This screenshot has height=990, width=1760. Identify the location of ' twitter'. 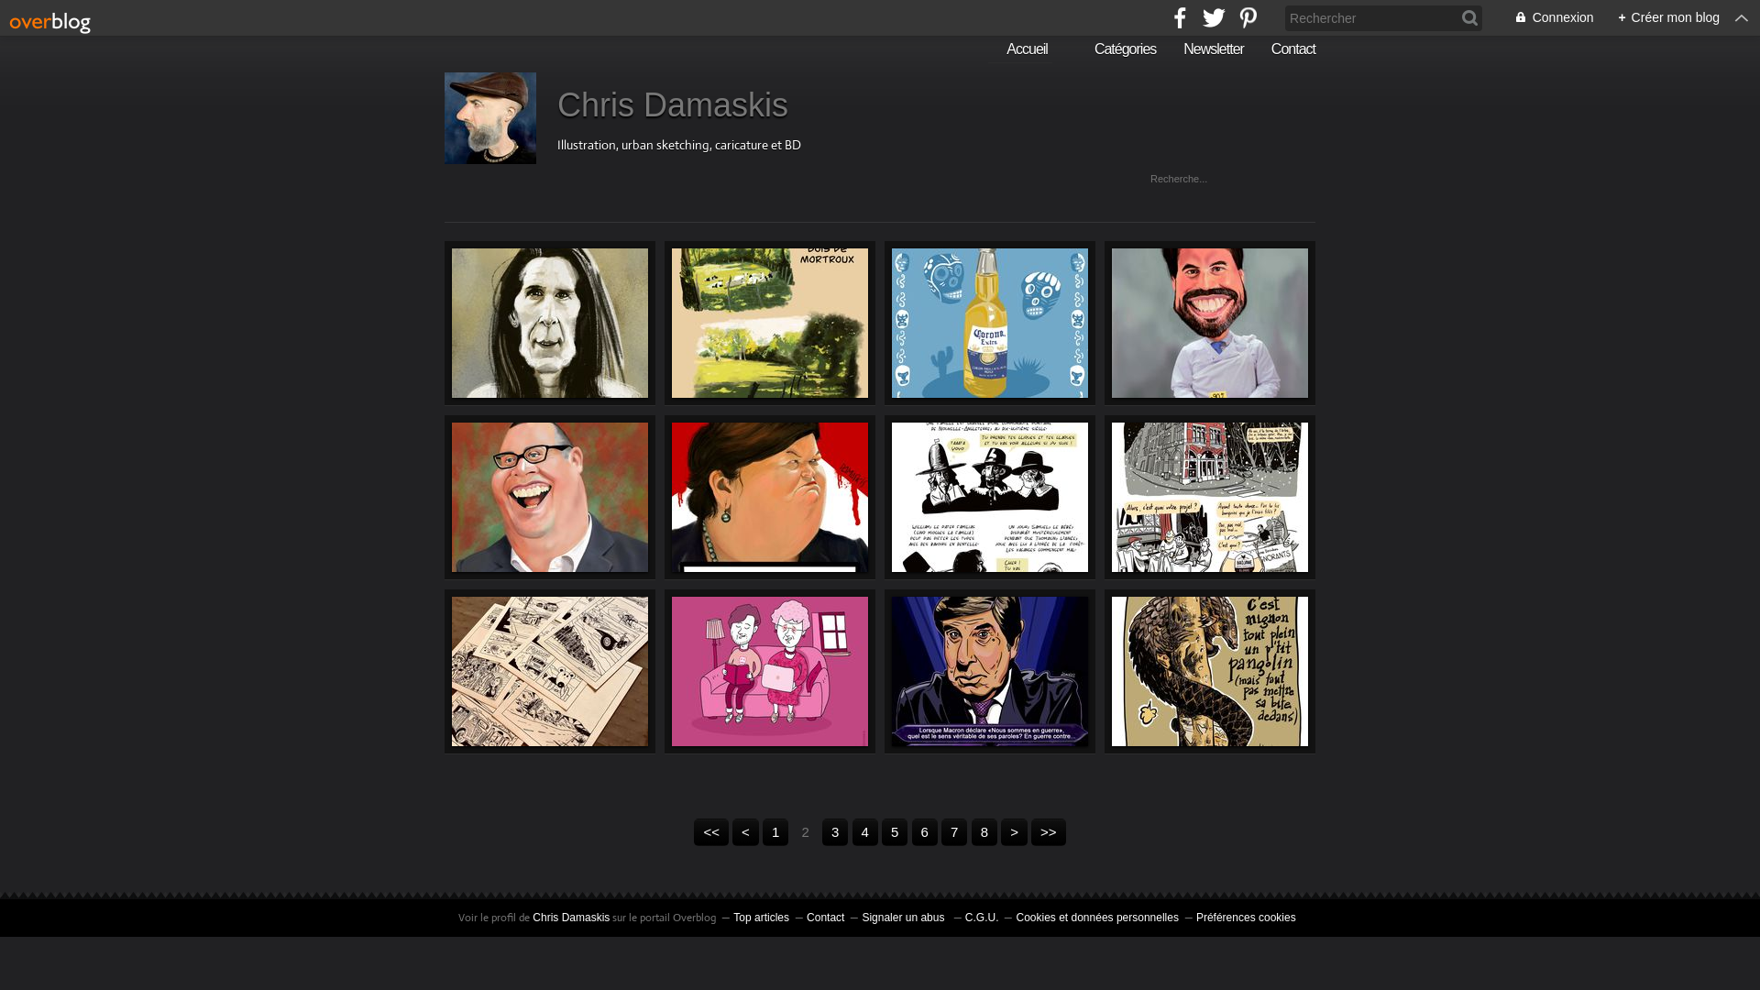
(1214, 17).